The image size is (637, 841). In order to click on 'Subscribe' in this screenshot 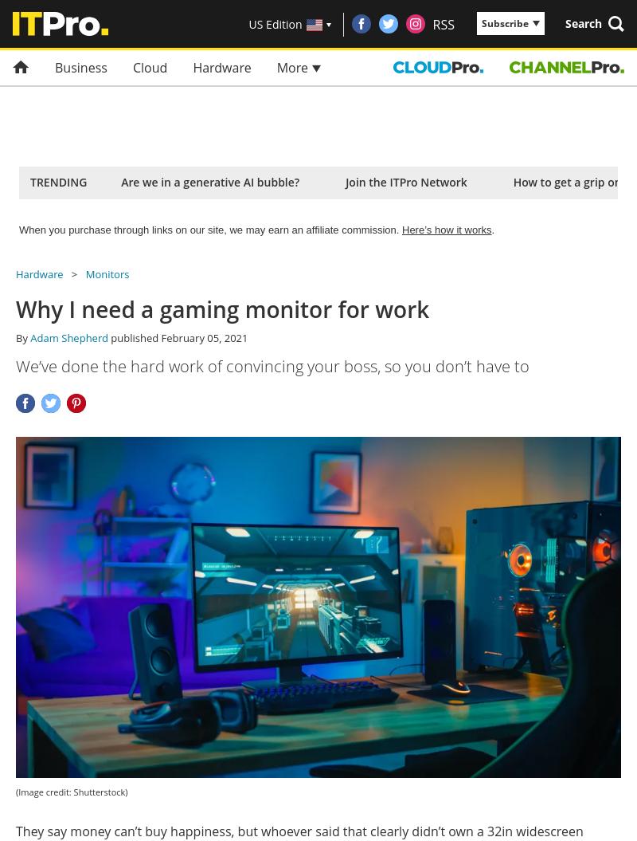, I will do `click(504, 23)`.